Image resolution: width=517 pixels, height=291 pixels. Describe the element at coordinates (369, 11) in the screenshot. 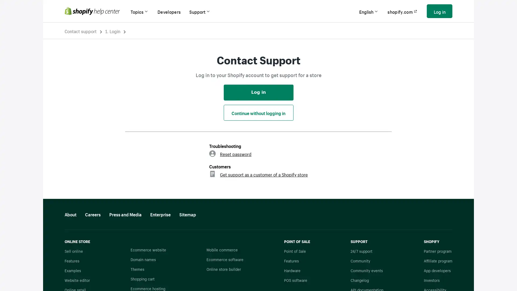

I see `English` at that location.